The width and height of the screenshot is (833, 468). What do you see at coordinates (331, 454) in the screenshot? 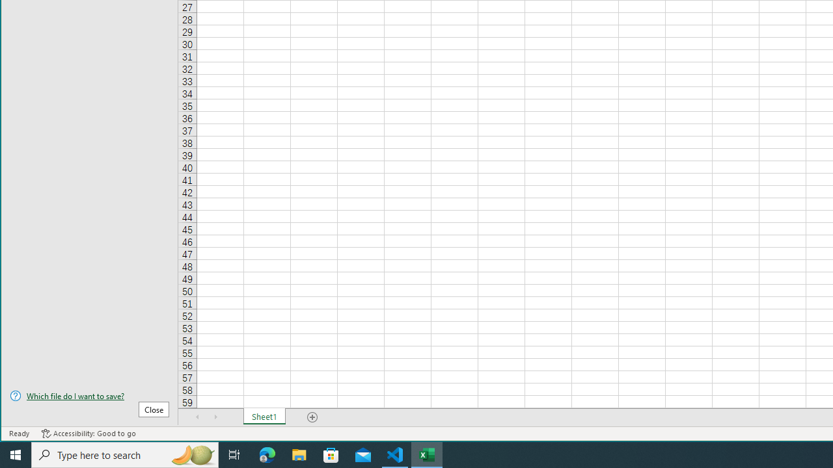
I see `'Microsoft Store'` at bounding box center [331, 454].